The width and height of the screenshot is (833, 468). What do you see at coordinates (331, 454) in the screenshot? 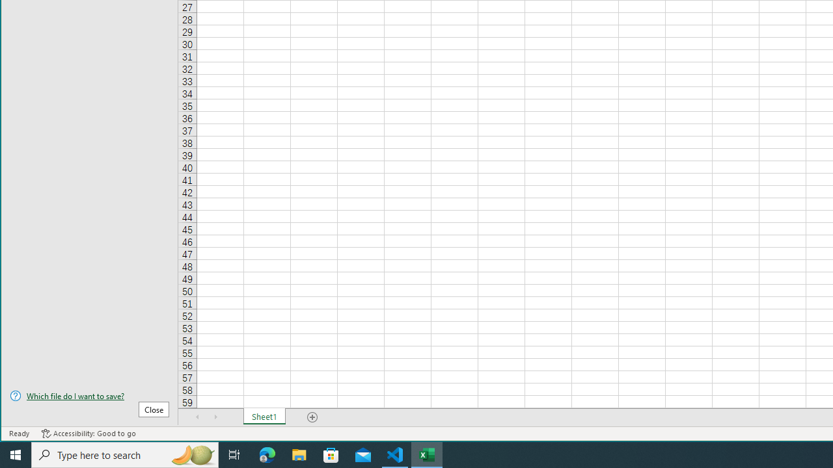
I see `'Microsoft Store'` at bounding box center [331, 454].